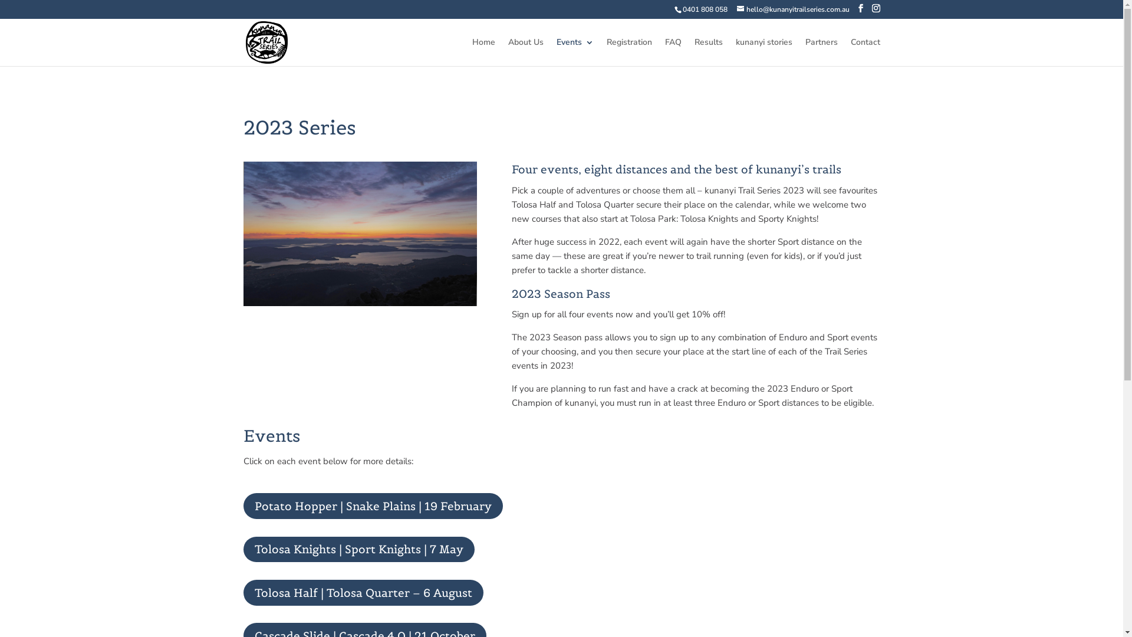 The height and width of the screenshot is (637, 1132). I want to click on 'Events', so click(575, 51).